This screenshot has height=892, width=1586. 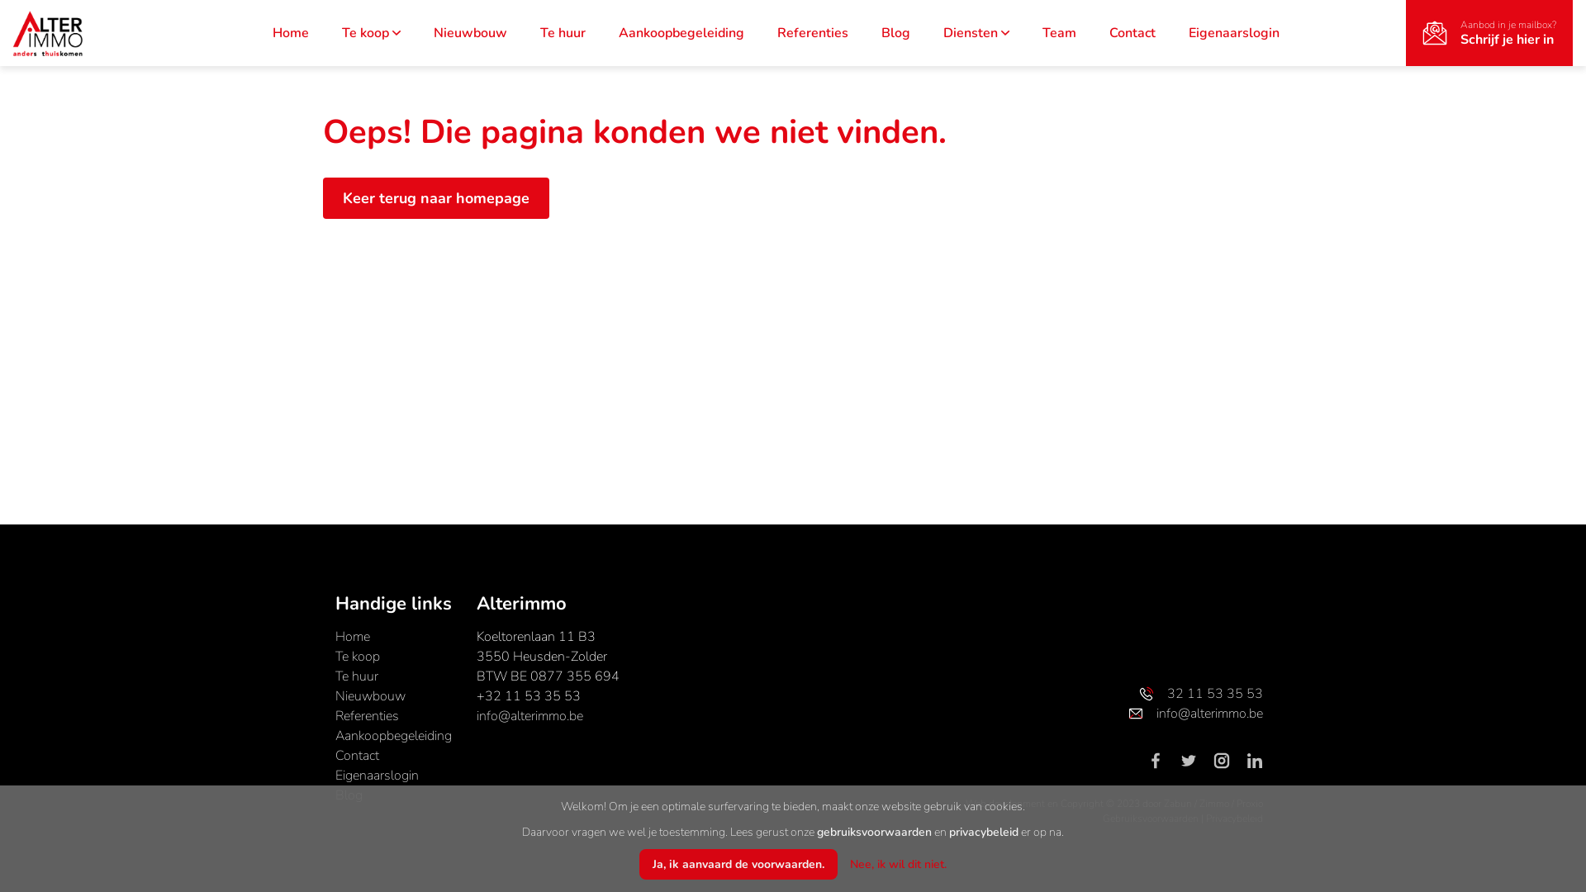 What do you see at coordinates (1161, 760) in the screenshot?
I see `'Facebook'` at bounding box center [1161, 760].